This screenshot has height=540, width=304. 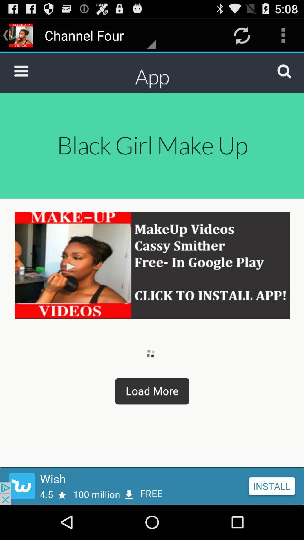 I want to click on install app, so click(x=152, y=486).